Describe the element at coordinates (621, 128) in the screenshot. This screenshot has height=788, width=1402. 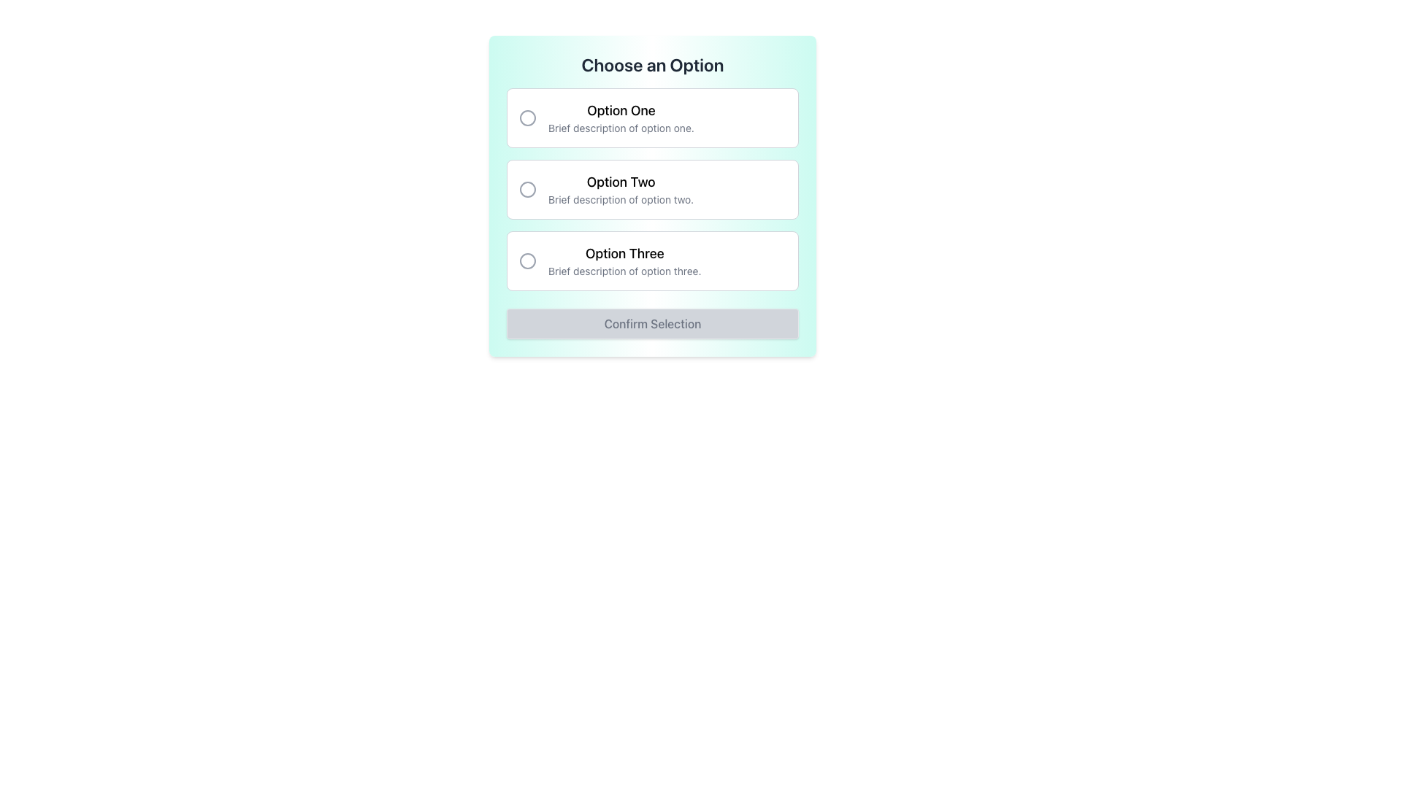
I see `the text label reading 'Brief description of option one.' which is positioned beneath the title 'Option One' in the first option card` at that location.